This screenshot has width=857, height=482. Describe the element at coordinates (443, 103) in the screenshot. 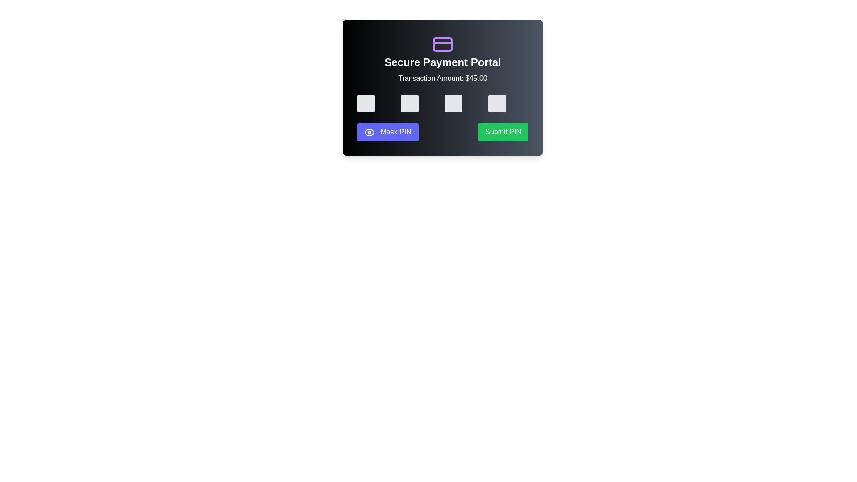

I see `the centered input fields in the payment form to focus on them` at that location.